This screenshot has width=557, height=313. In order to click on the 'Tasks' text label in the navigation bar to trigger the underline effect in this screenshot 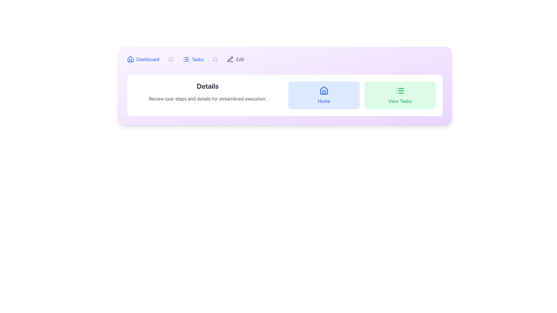, I will do `click(198, 59)`.